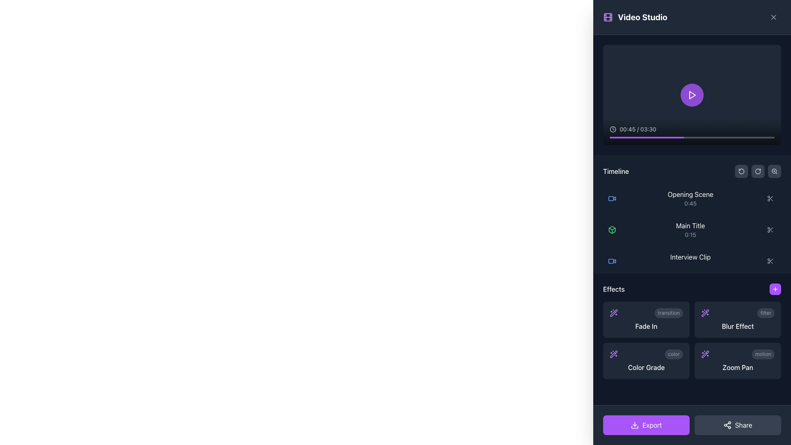 Image resolution: width=791 pixels, height=445 pixels. Describe the element at coordinates (692, 261) in the screenshot. I see `the third timeline item titled 'Interview Clip'` at that location.